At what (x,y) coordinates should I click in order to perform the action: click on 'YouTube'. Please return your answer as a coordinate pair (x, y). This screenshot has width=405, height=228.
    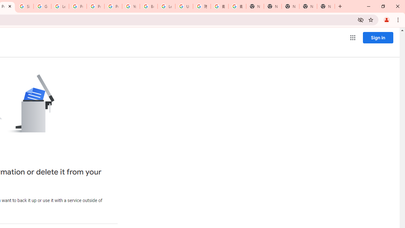
    Looking at the image, I should click on (131, 6).